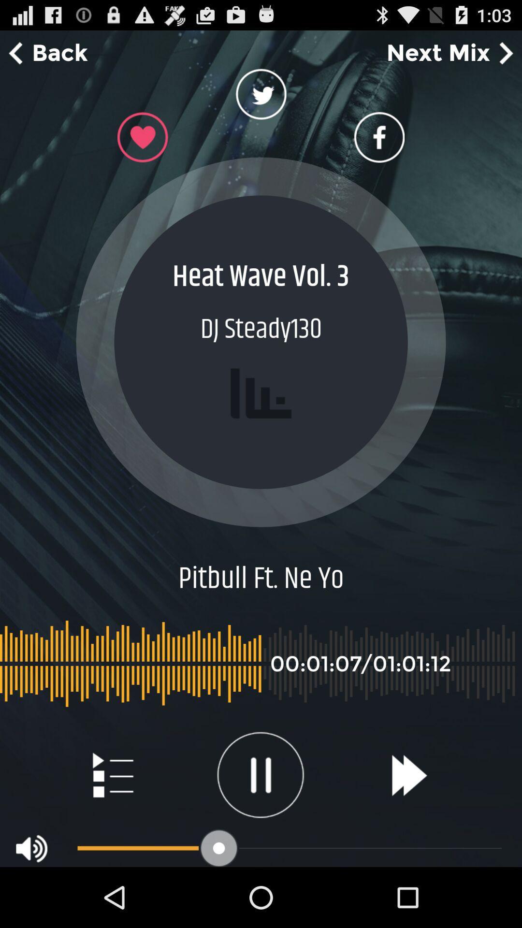  Describe the element at coordinates (112, 775) in the screenshot. I see `menu settings link` at that location.